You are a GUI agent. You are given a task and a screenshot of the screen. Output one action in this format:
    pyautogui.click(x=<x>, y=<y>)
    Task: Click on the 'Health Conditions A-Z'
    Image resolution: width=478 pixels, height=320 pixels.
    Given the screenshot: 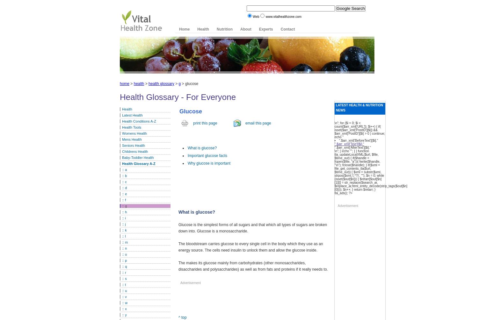 What is the action you would take?
    pyautogui.click(x=139, y=121)
    